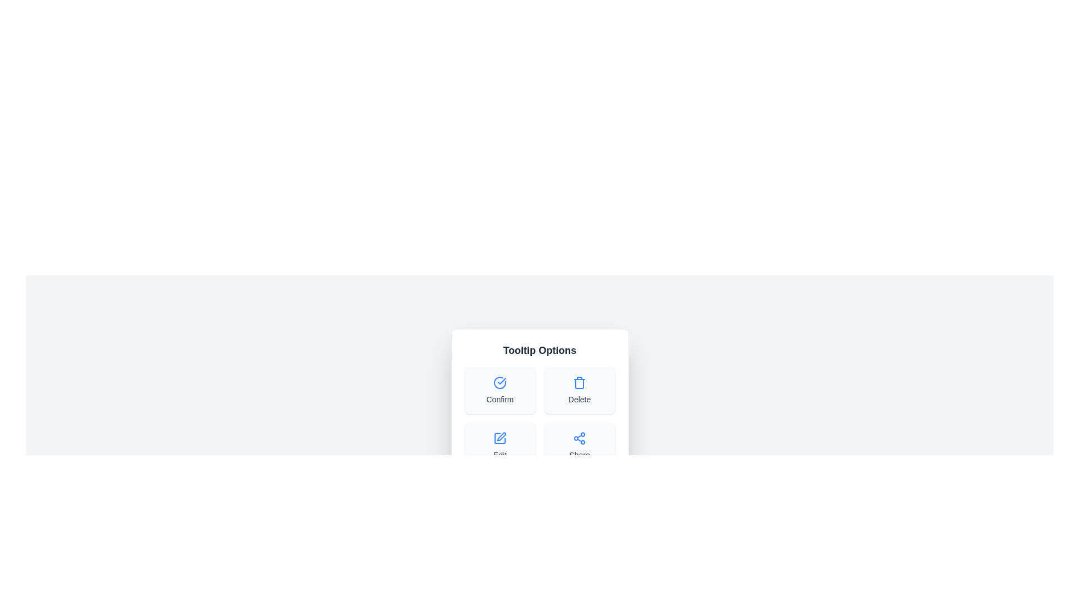  I want to click on the 'Share' icon, which is a vector graphic of three blue circles connected by two lines, so click(578, 437).